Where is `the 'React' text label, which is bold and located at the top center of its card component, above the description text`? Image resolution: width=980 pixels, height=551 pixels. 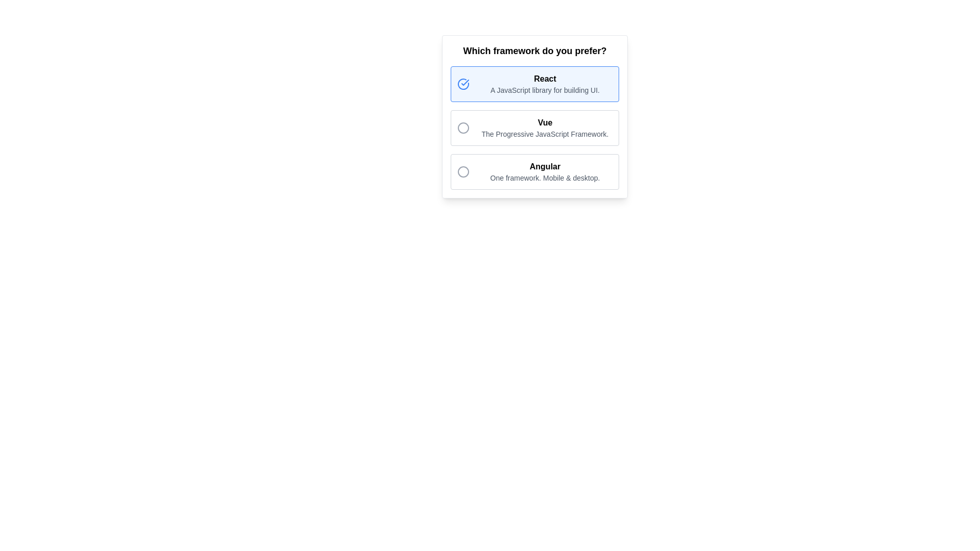 the 'React' text label, which is bold and located at the top center of its card component, above the description text is located at coordinates (545, 78).